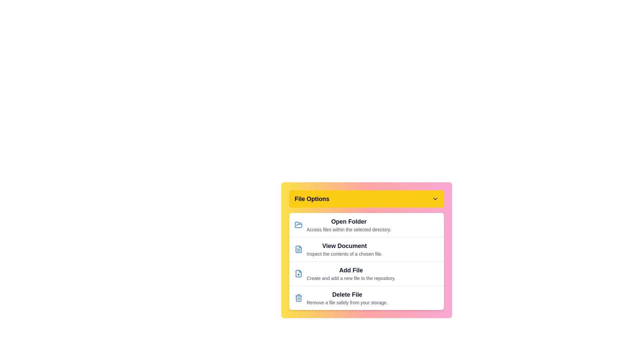 The width and height of the screenshot is (640, 360). What do you see at coordinates (344, 249) in the screenshot?
I see `the 'View Document' button-like menu item, which is the second action item in the 'File Options' menu` at bounding box center [344, 249].